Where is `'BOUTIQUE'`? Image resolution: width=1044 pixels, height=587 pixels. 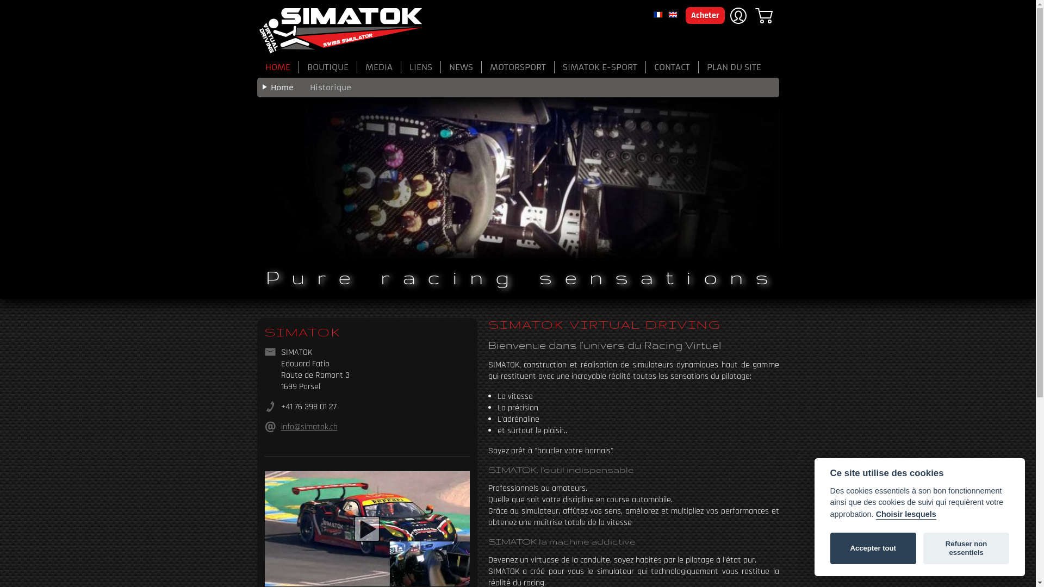 'BOUTIQUE' is located at coordinates (327, 67).